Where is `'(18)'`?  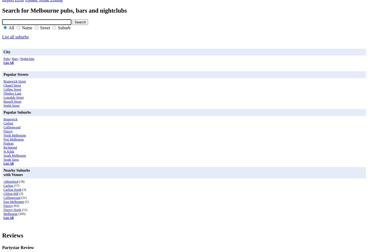
'(18)' is located at coordinates (18, 181).